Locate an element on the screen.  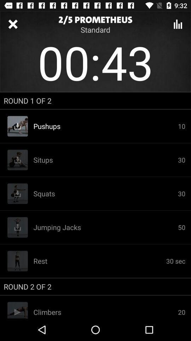
the icon next to 30 item is located at coordinates (105, 194).